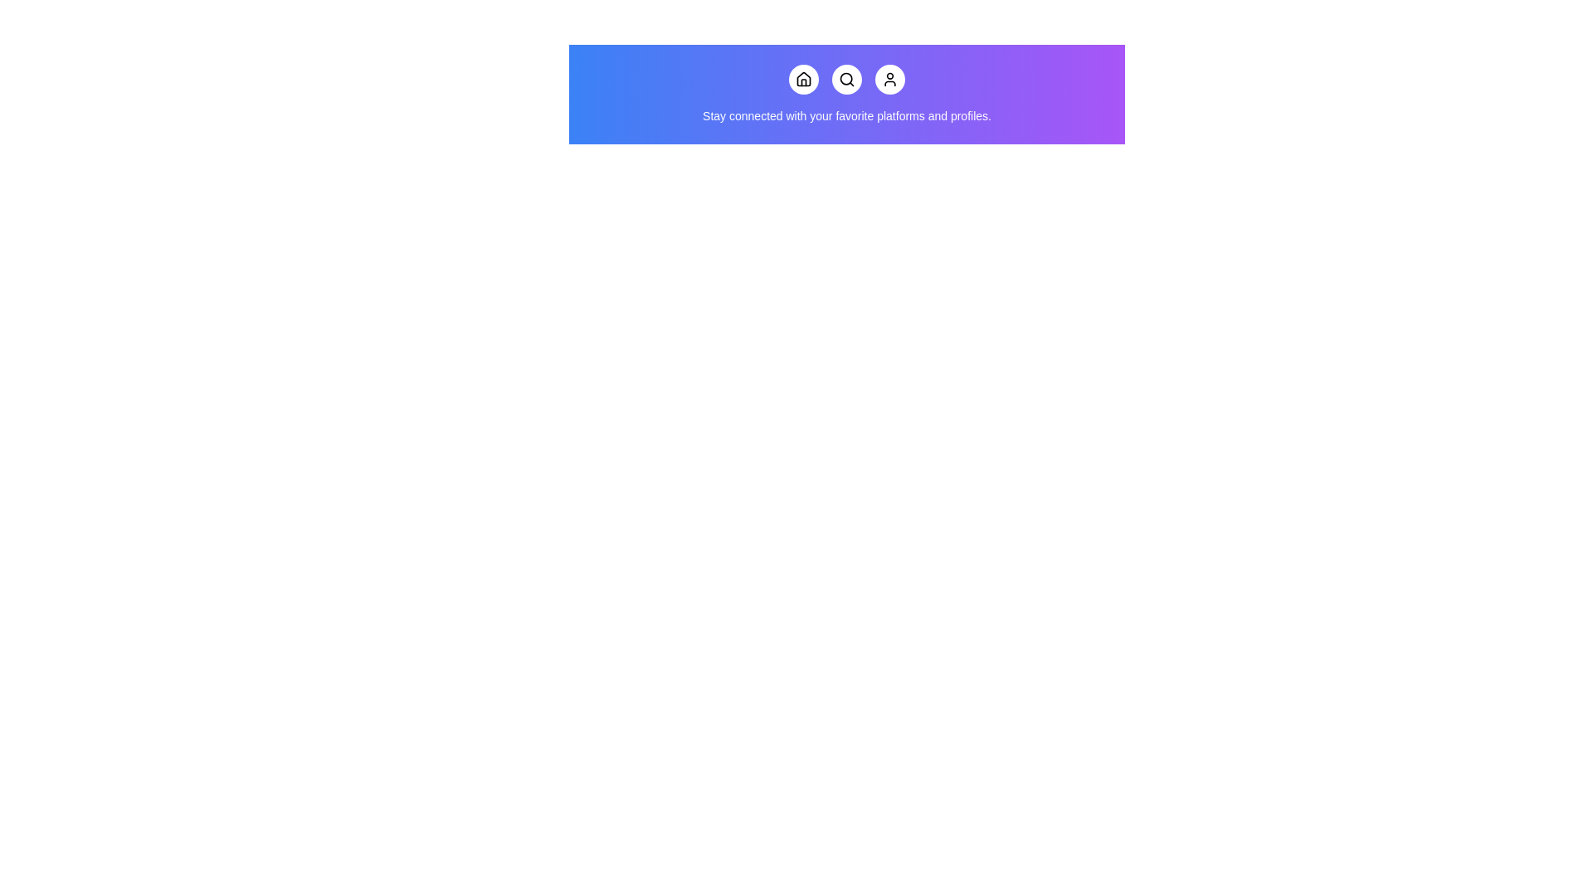 This screenshot has width=1593, height=896. Describe the element at coordinates (804, 80) in the screenshot. I see `the white circular button with a house icon located at the top horizontal bar, which is the first button from the left` at that location.